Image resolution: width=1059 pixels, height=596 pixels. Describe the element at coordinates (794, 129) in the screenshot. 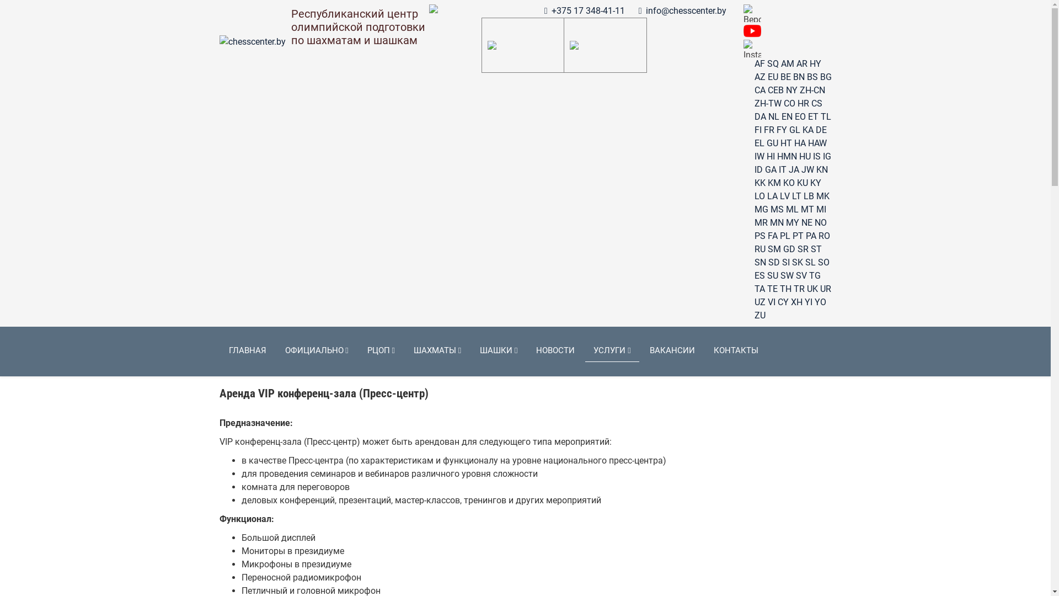

I see `'GL'` at that location.